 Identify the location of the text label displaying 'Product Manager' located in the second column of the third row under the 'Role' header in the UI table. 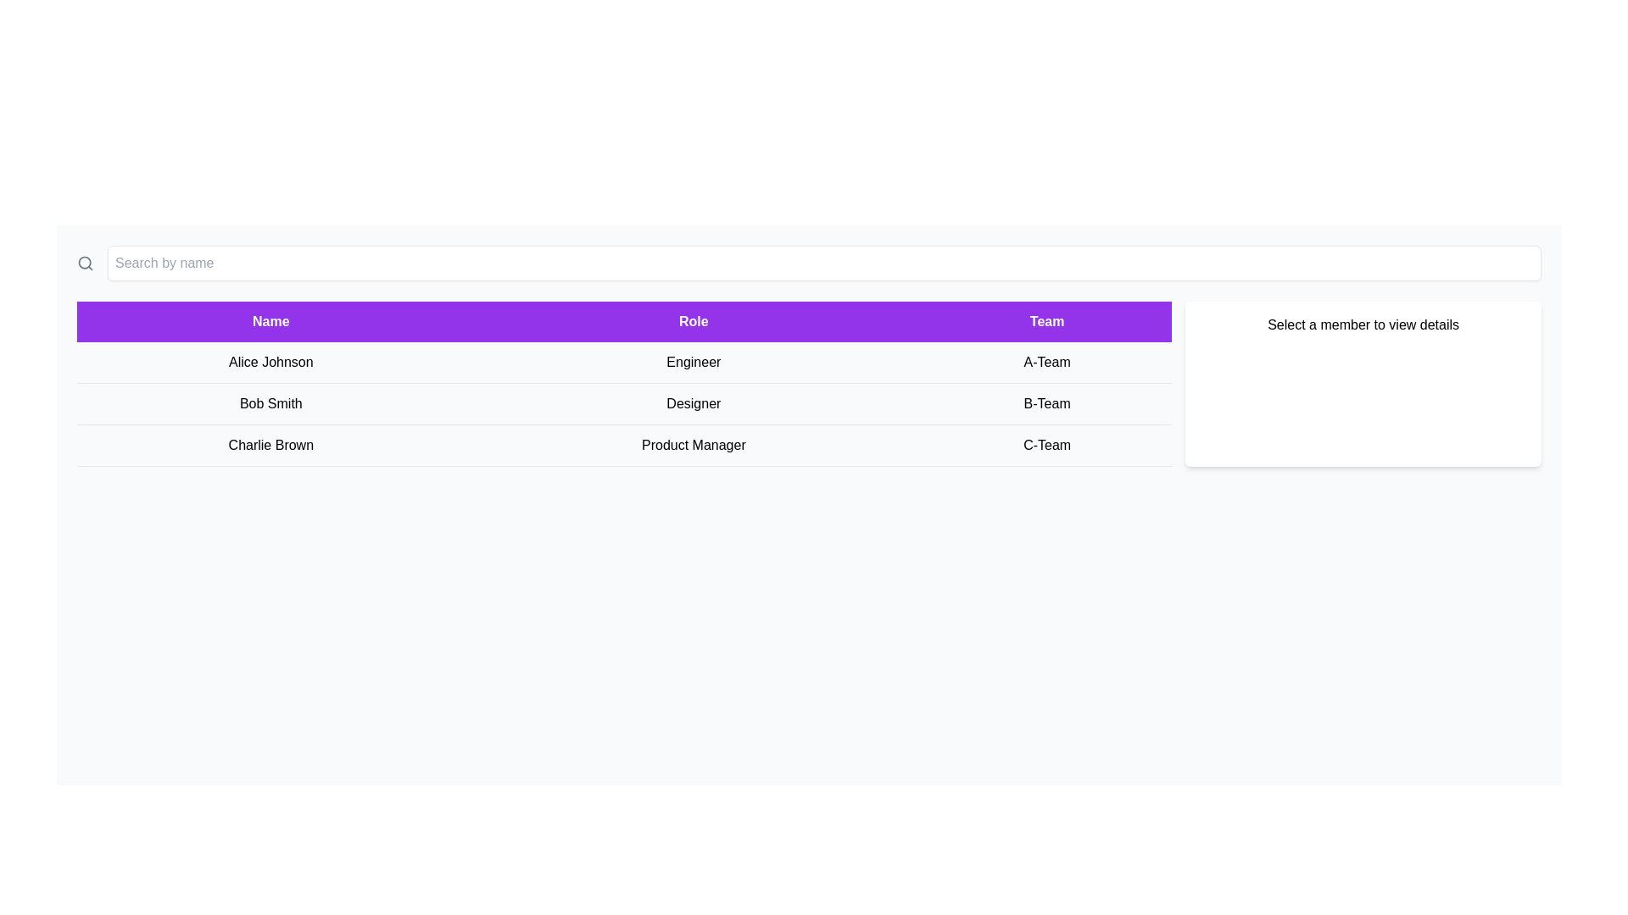
(694, 444).